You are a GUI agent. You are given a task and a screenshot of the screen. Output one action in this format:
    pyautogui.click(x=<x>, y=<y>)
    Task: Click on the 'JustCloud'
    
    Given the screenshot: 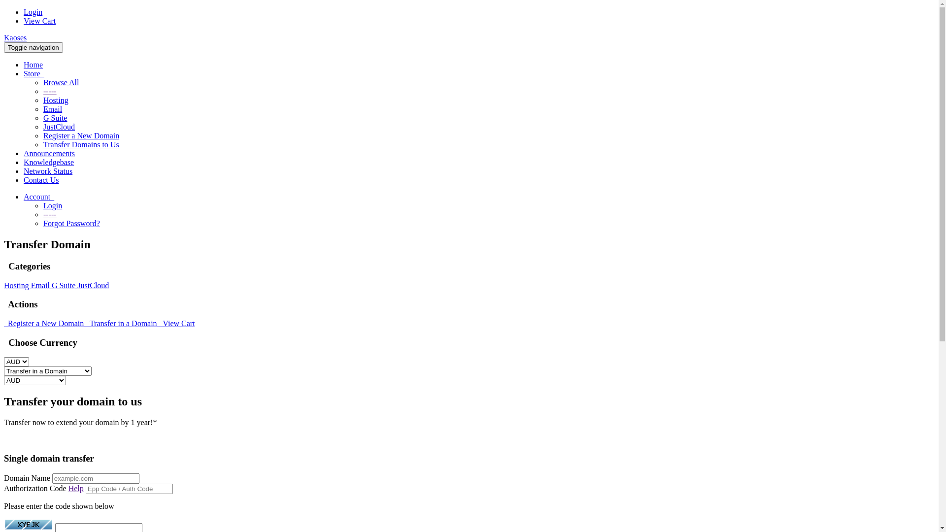 What is the action you would take?
    pyautogui.click(x=59, y=126)
    